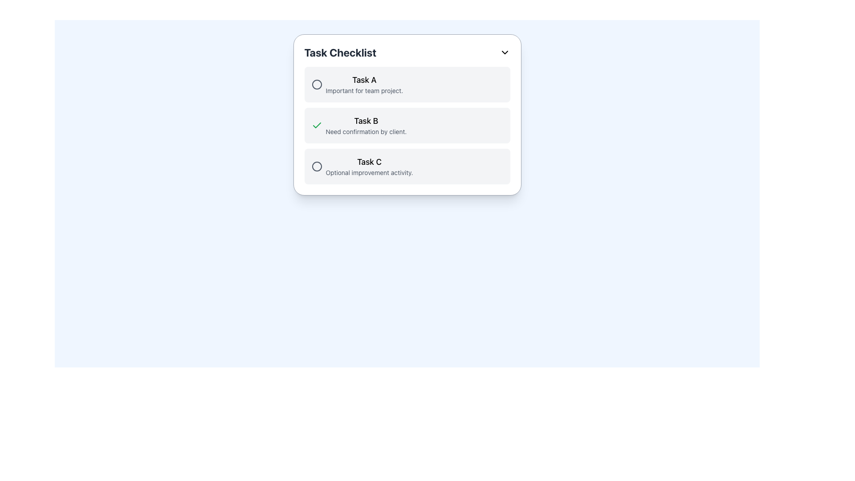 This screenshot has height=481, width=855. What do you see at coordinates (366, 121) in the screenshot?
I see `the 'Task B' text label, which is styled prominently in black and serves as the header for the second task in the checklist interface` at bounding box center [366, 121].